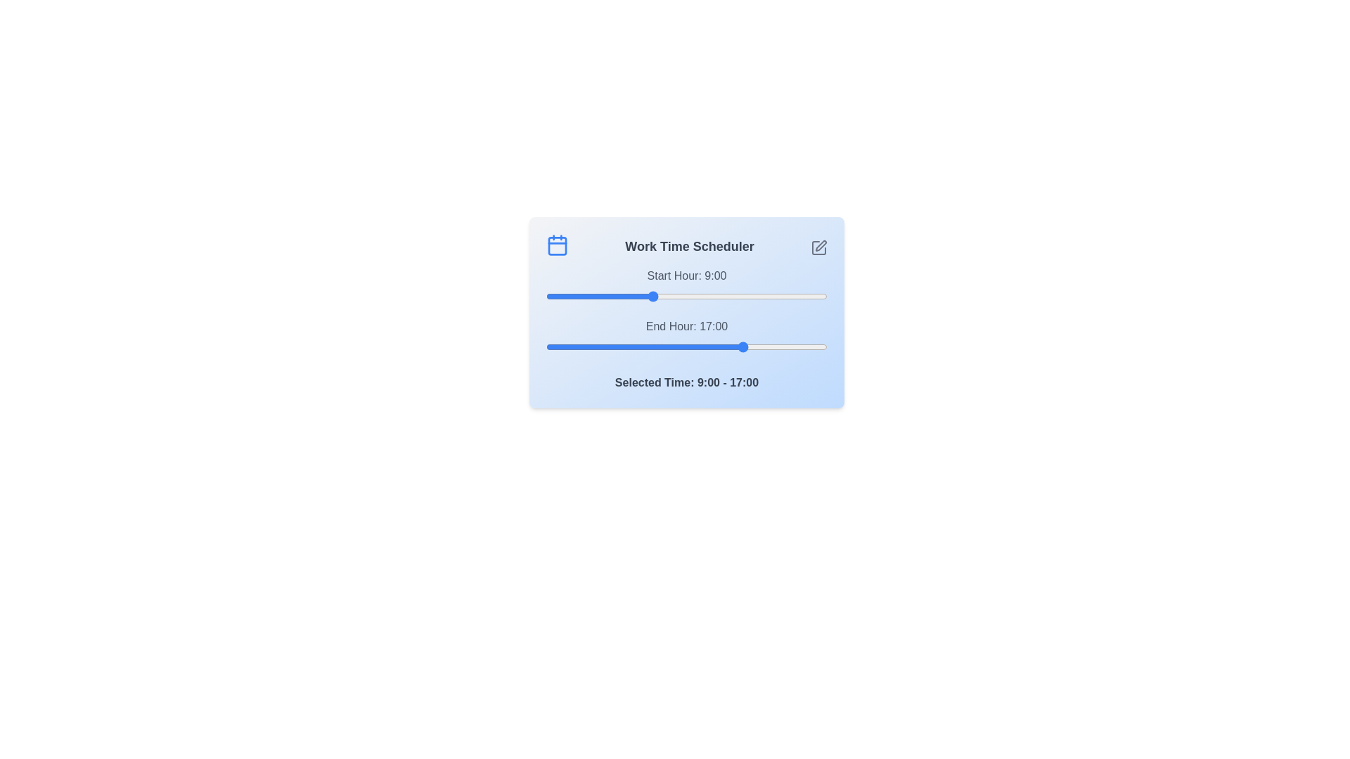 This screenshot has width=1350, height=759. What do you see at coordinates (733, 346) in the screenshot?
I see `the end time slider to 16 where 16 is in the range 0 to 24` at bounding box center [733, 346].